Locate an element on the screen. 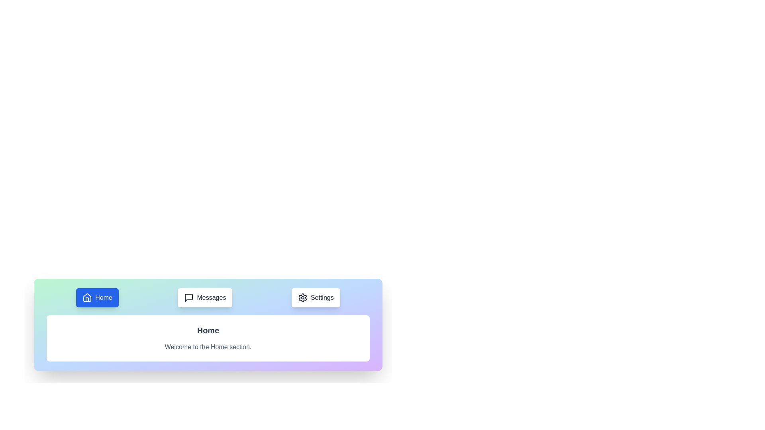  the tab labeled Home to select it is located at coordinates (97, 298).